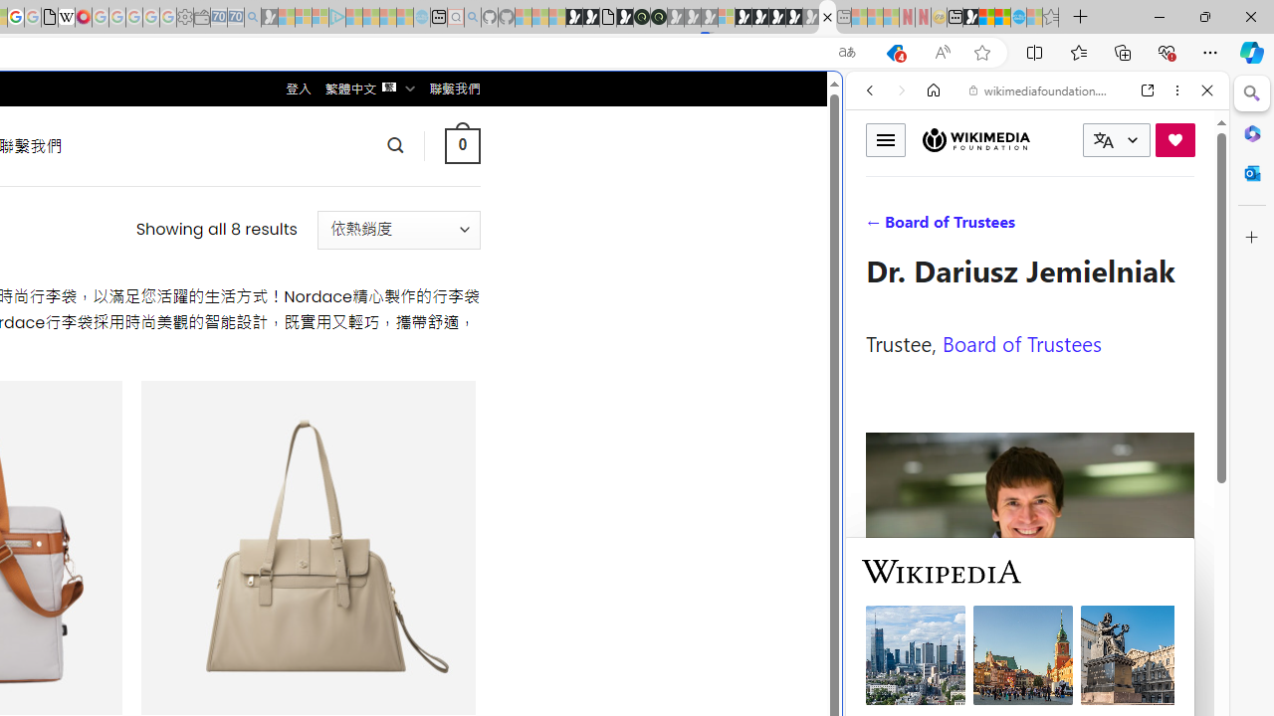 This screenshot has width=1274, height=716. I want to click on 'Donate now', so click(1174, 138).